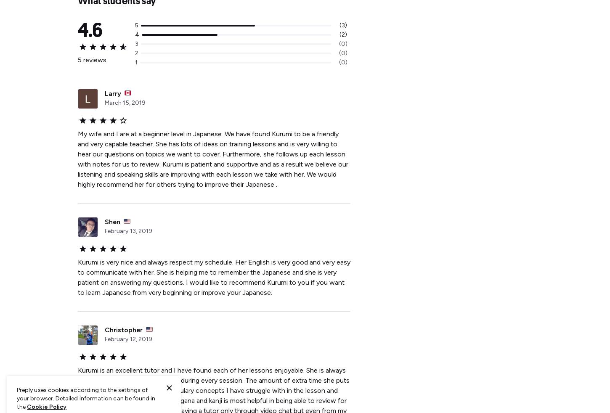 The height and width of the screenshot is (413, 610). Describe the element at coordinates (132, 230) in the screenshot. I see `'13'` at that location.